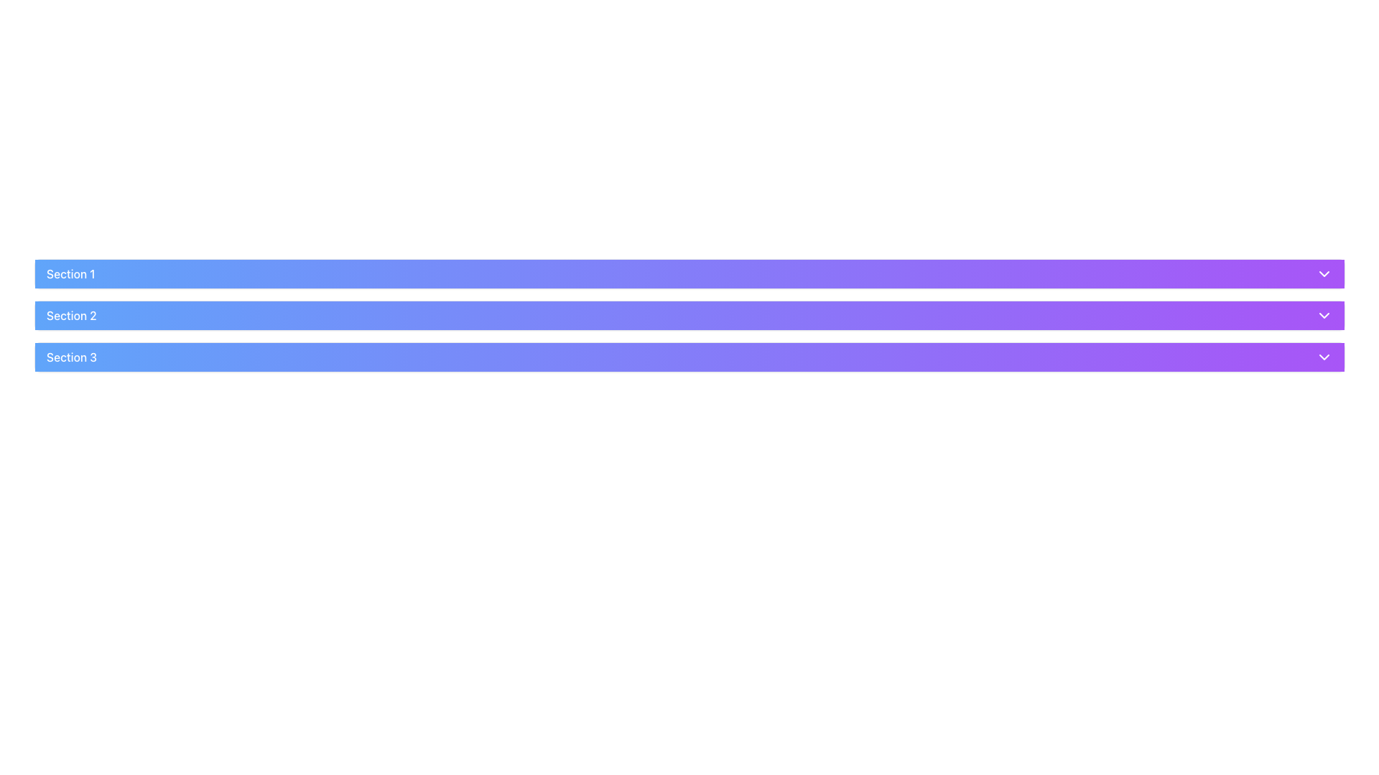 The image size is (1379, 775). I want to click on the toggle icon for 'Section 2' located at the rightmost edge of the header to trigger visual feedback, so click(1323, 314).